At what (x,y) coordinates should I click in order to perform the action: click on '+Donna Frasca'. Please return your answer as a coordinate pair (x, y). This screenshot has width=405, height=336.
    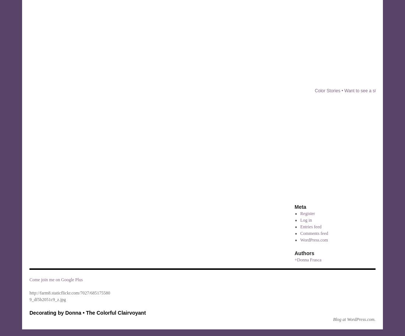
    Looking at the image, I should click on (295, 259).